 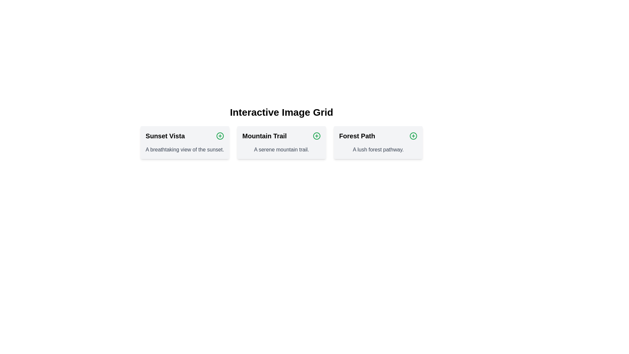 What do you see at coordinates (281, 136) in the screenshot?
I see `the 'Mountain Trail' text label located at the top of the middle card in a three-card layout, which is adjacent to a small circular icon` at bounding box center [281, 136].